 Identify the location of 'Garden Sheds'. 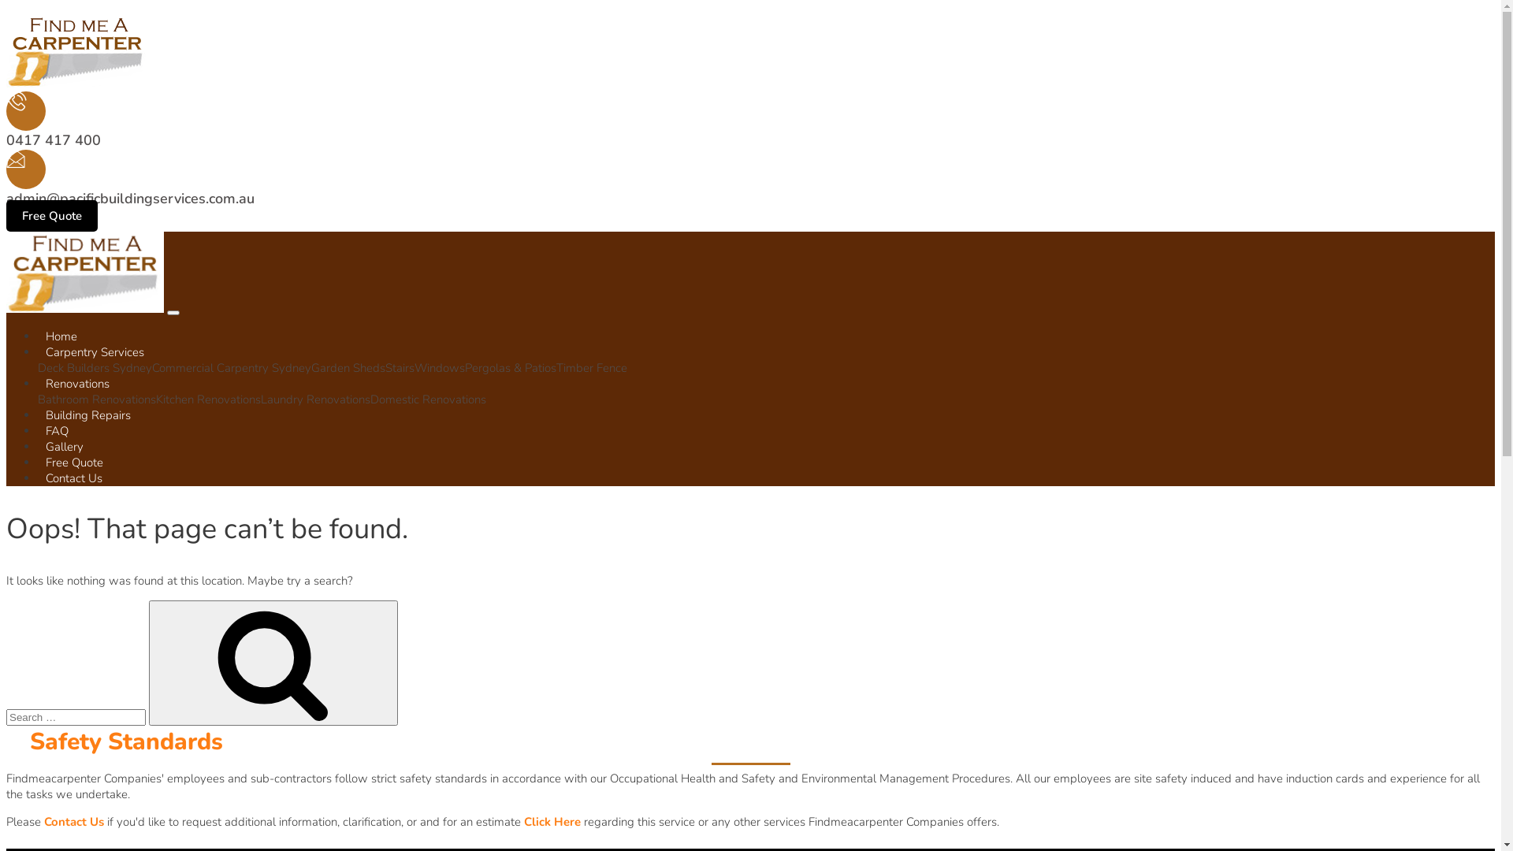
(310, 367).